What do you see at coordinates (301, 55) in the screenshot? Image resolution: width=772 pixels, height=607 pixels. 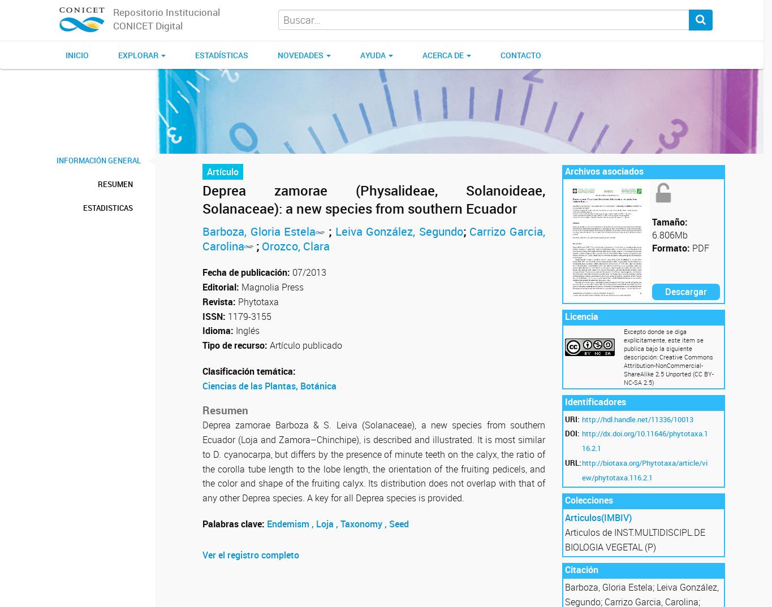 I see `'Novedades'` at bounding box center [301, 55].